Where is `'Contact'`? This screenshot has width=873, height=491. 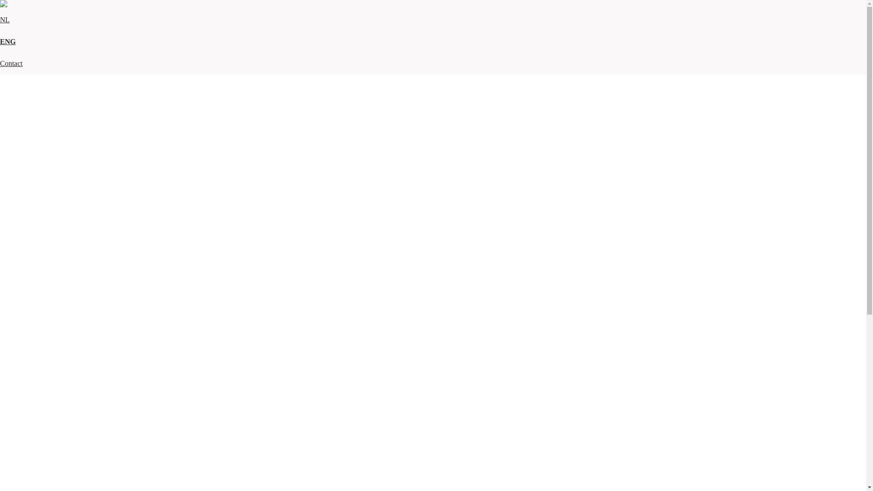
'Contact' is located at coordinates (11, 63).